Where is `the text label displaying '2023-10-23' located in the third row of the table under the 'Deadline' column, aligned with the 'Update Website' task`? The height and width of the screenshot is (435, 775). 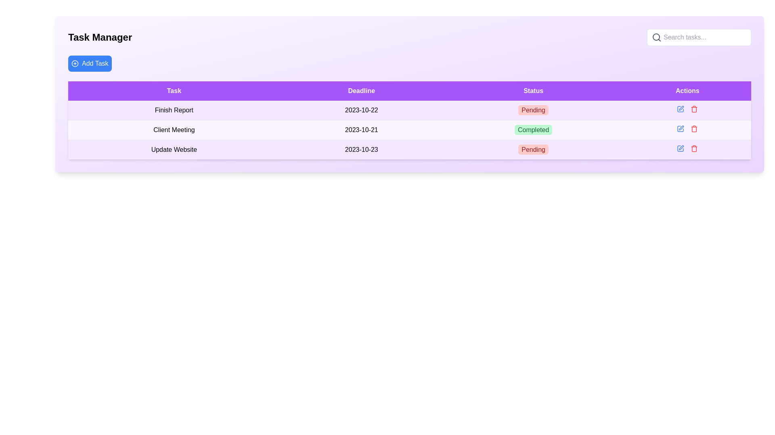 the text label displaying '2023-10-23' located in the third row of the table under the 'Deadline' column, aligned with the 'Update Website' task is located at coordinates (361, 149).